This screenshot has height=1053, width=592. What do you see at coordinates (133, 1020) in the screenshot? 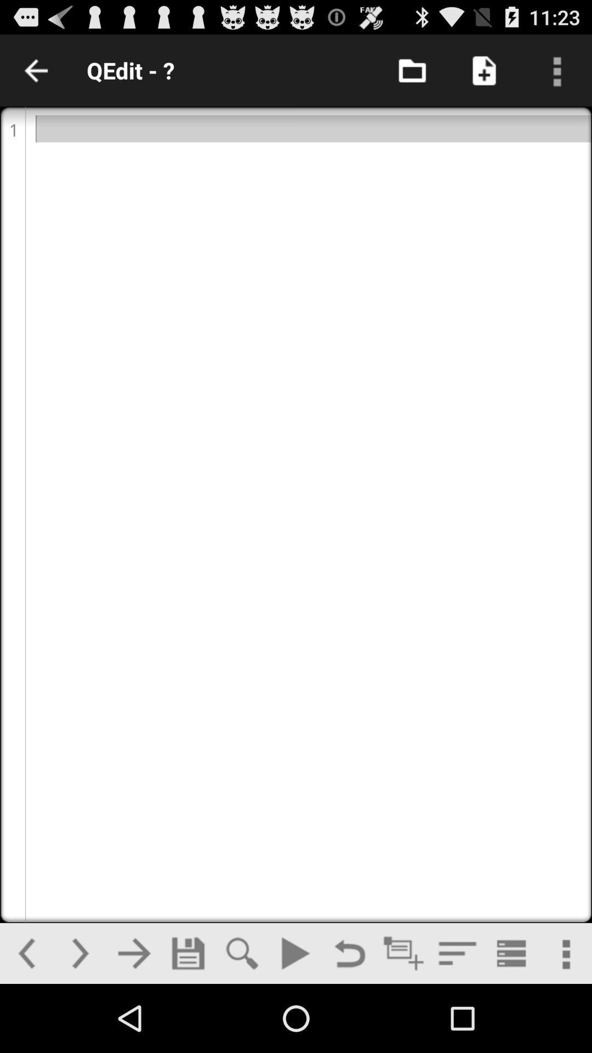
I see `the arrow_forward icon` at bounding box center [133, 1020].